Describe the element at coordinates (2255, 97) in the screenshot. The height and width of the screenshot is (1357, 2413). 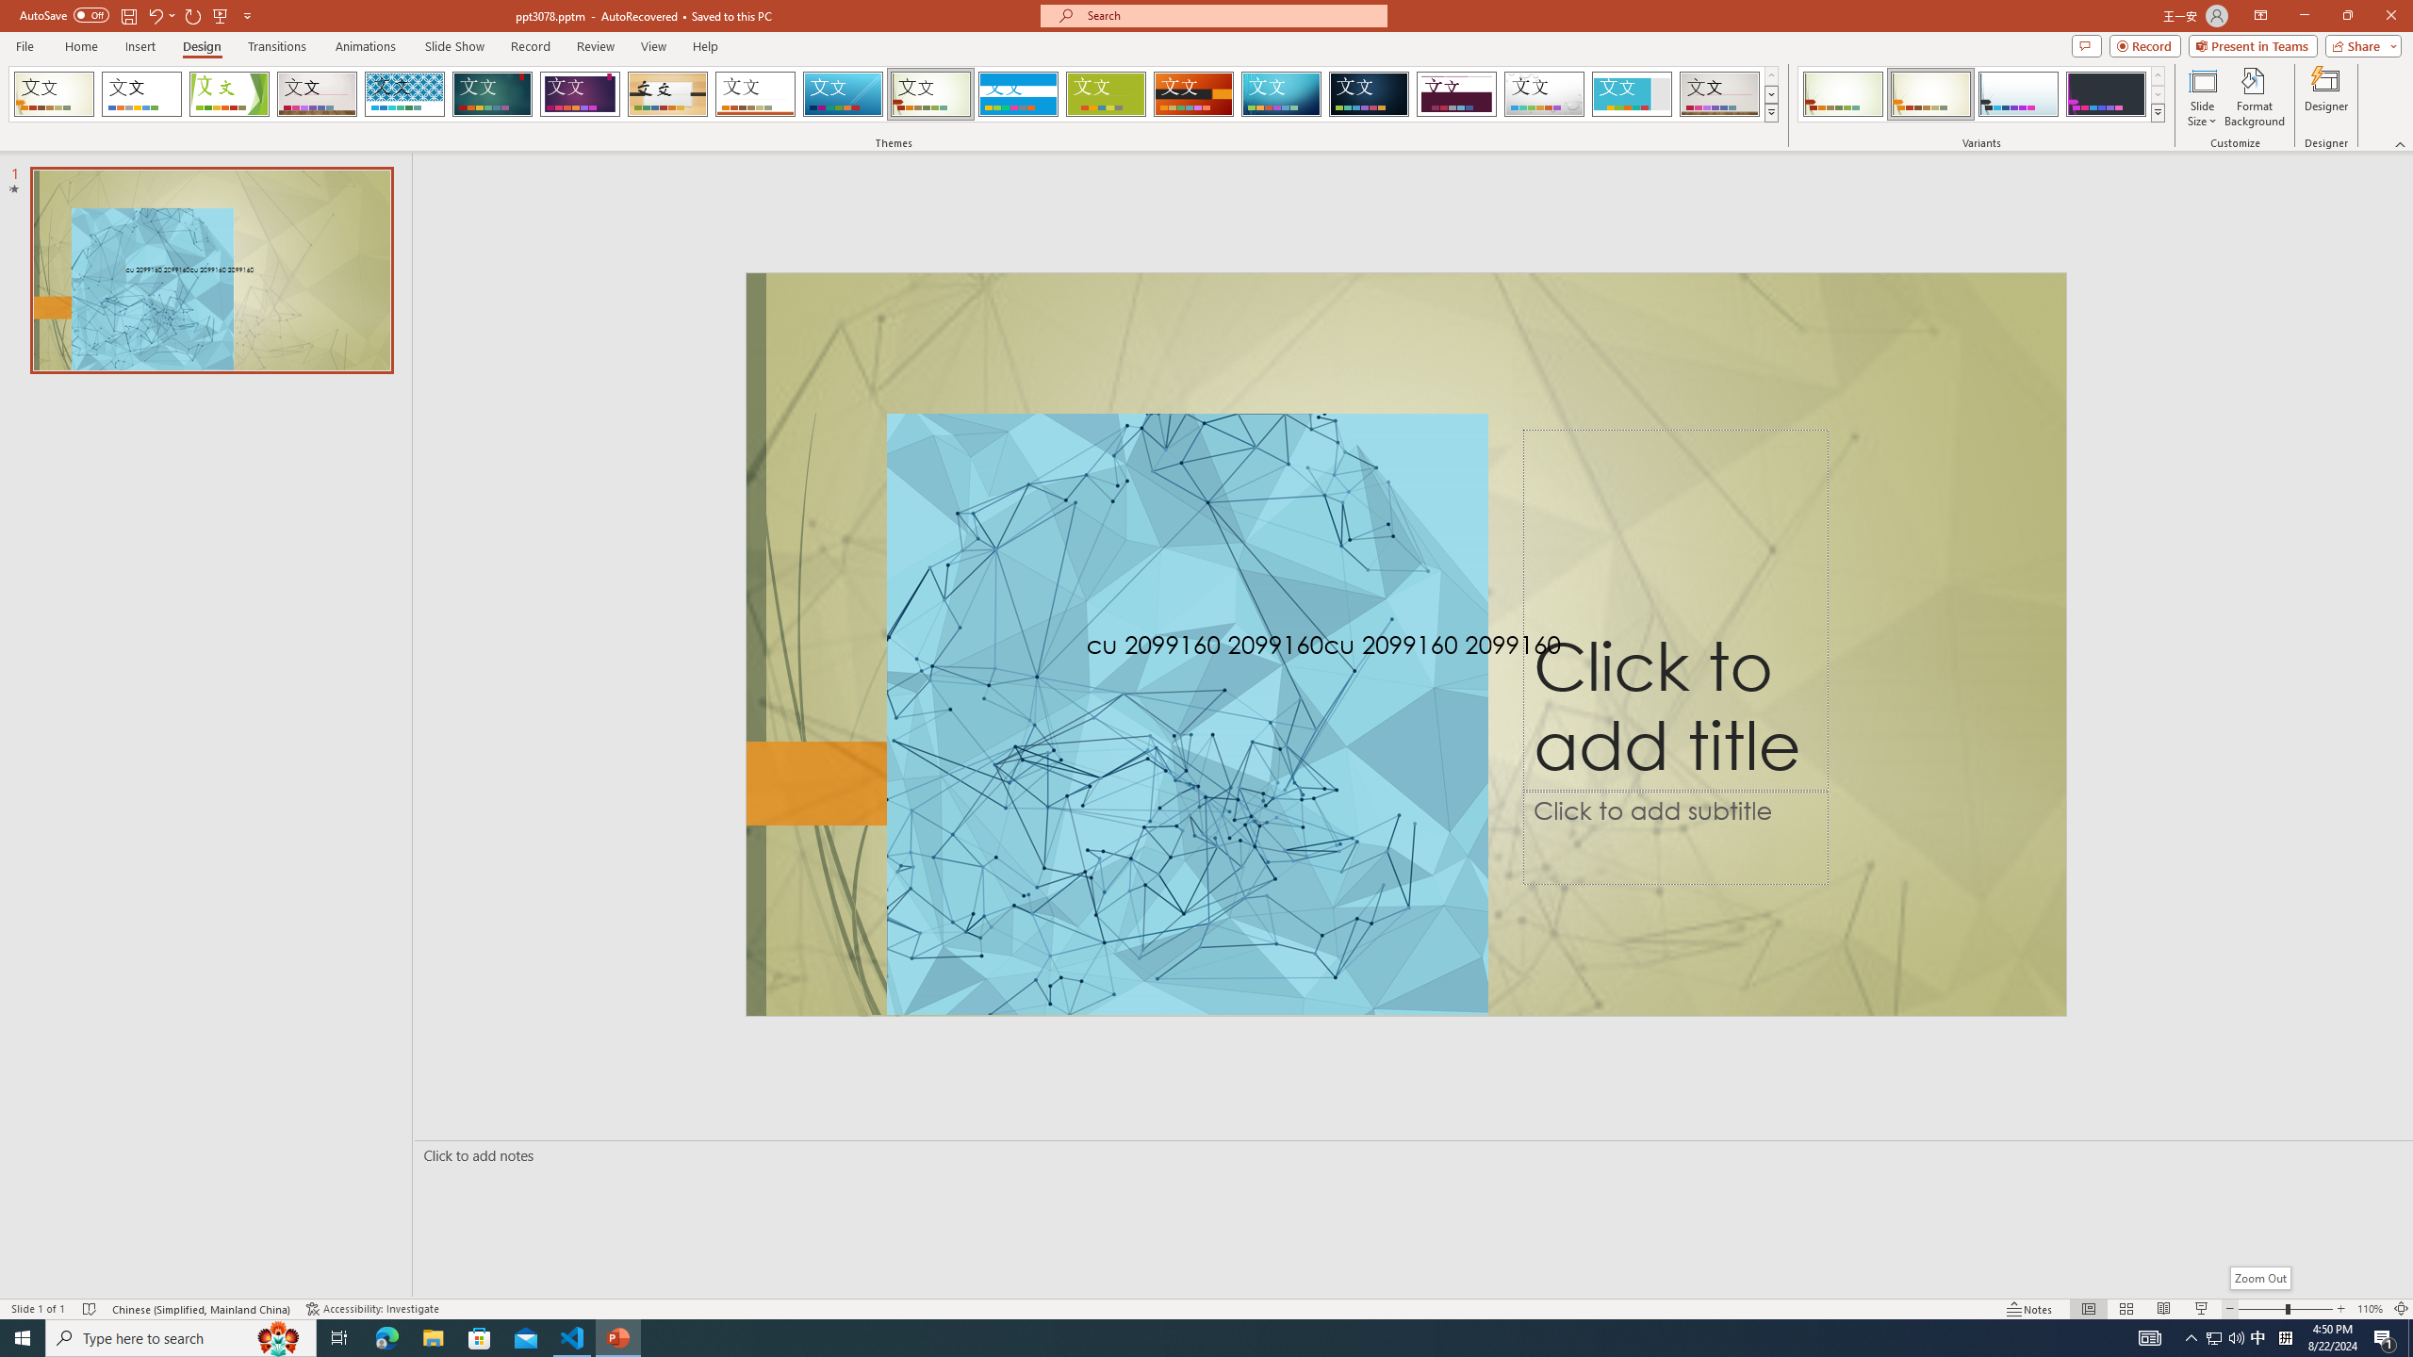
I see `'Format Background'` at that location.